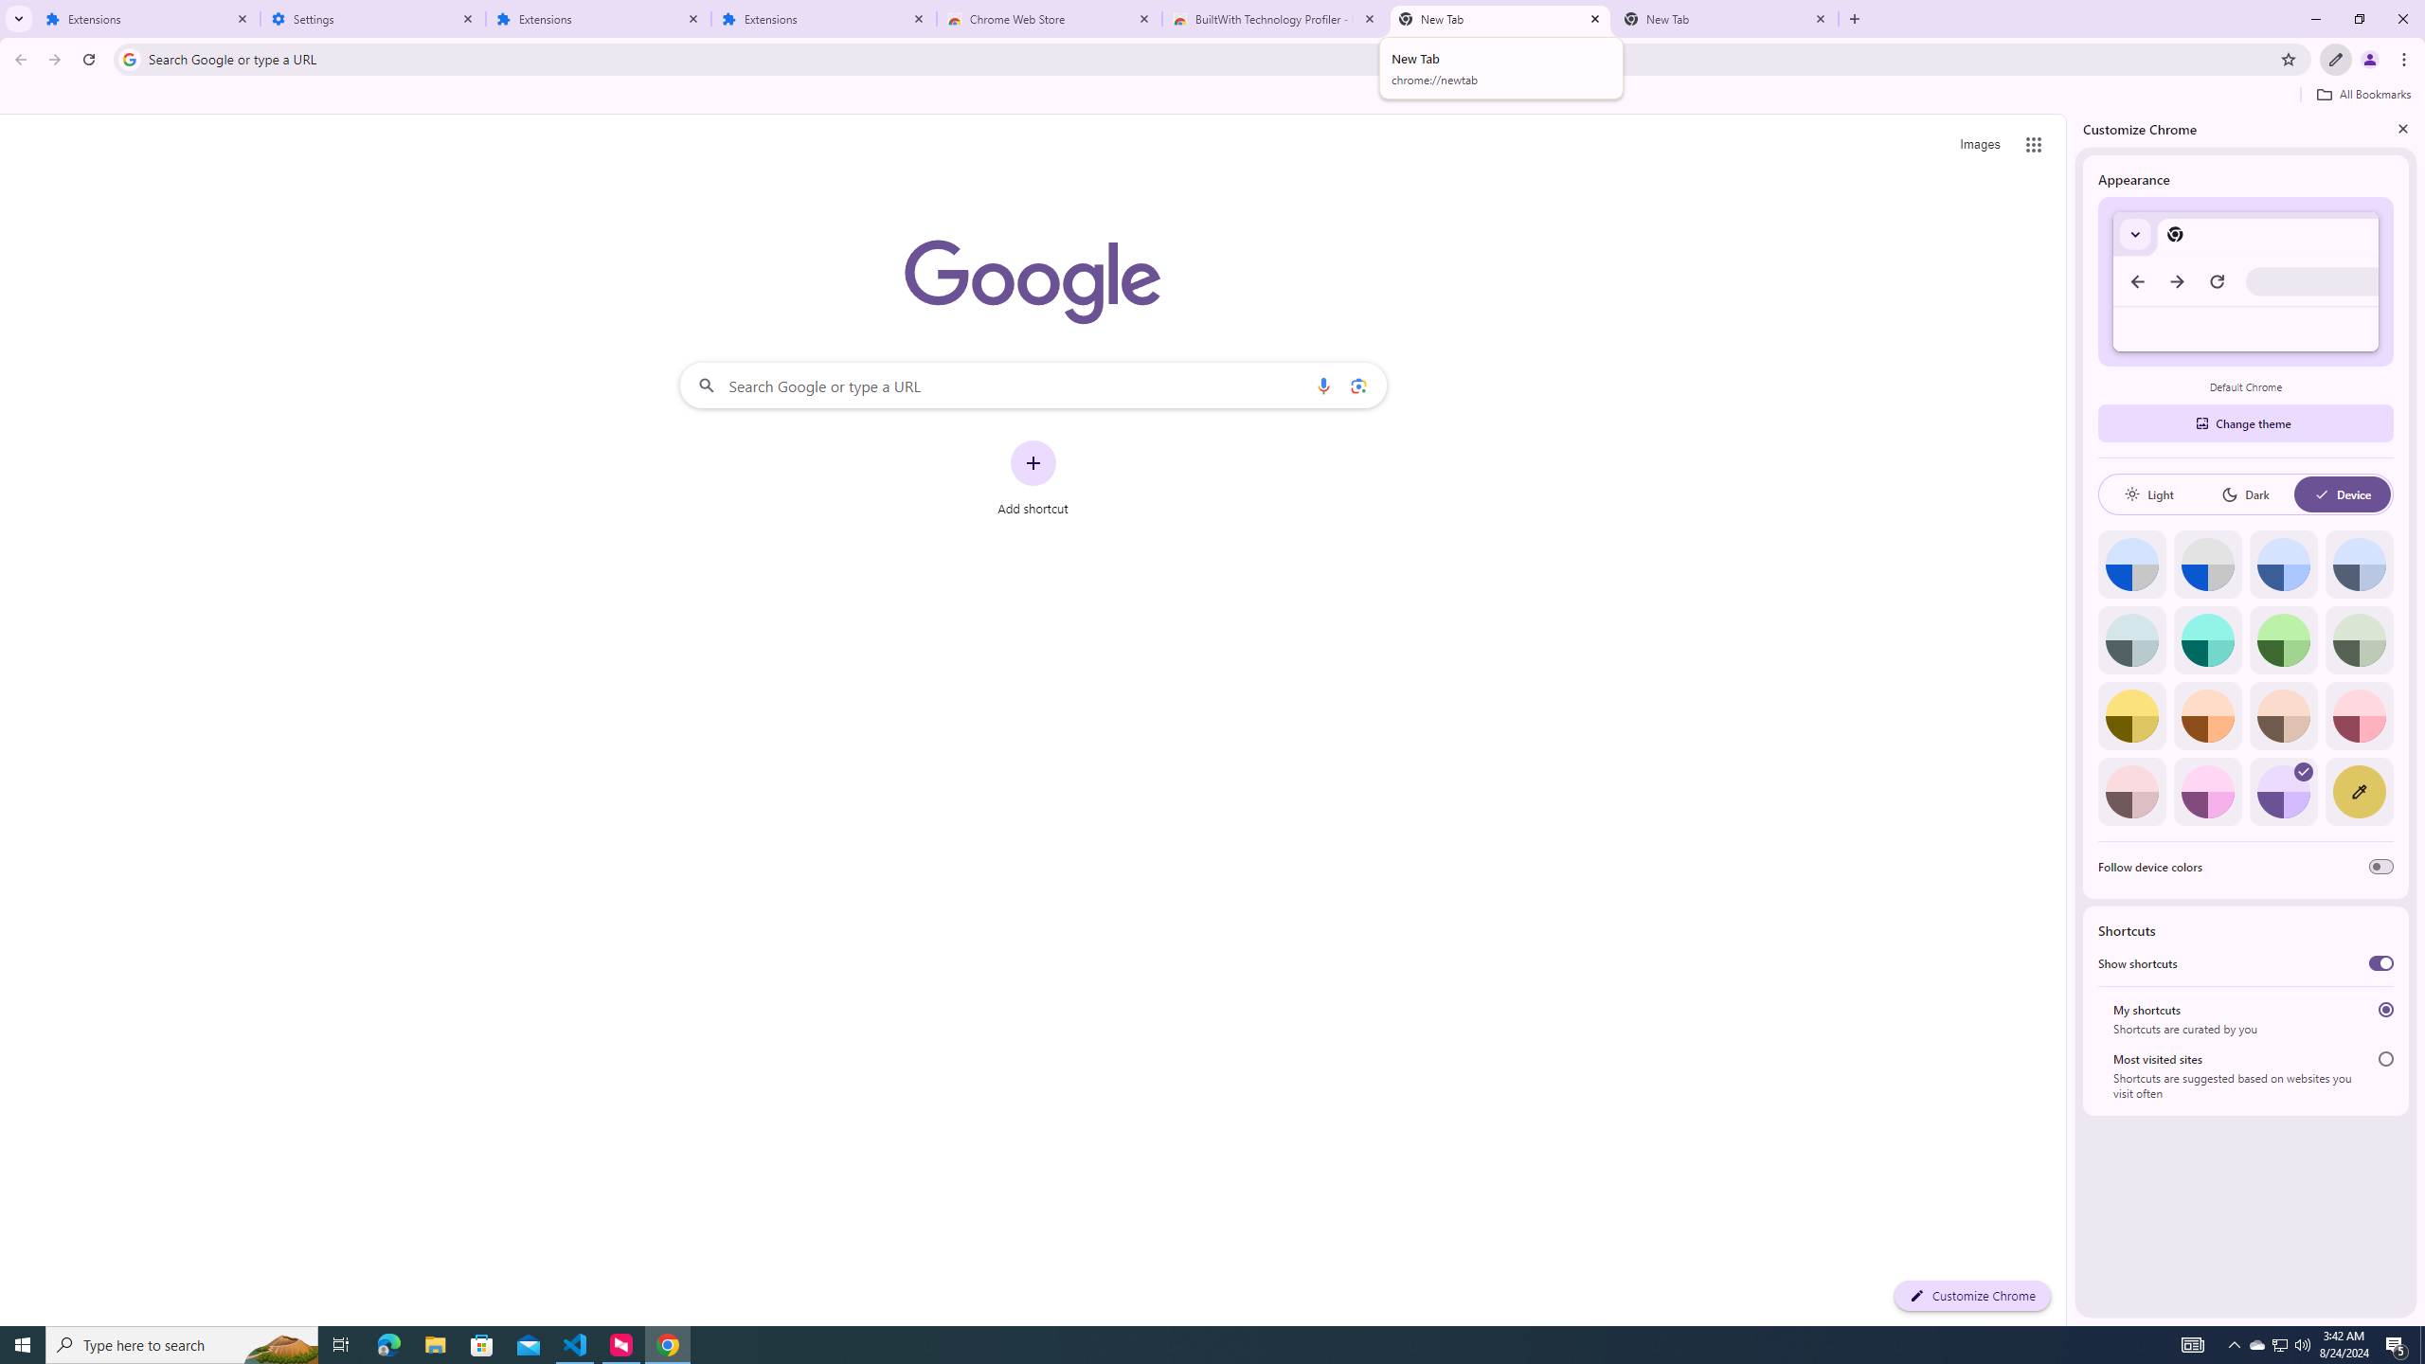 The width and height of the screenshot is (2425, 1364). I want to click on 'Extensions', so click(598, 18).